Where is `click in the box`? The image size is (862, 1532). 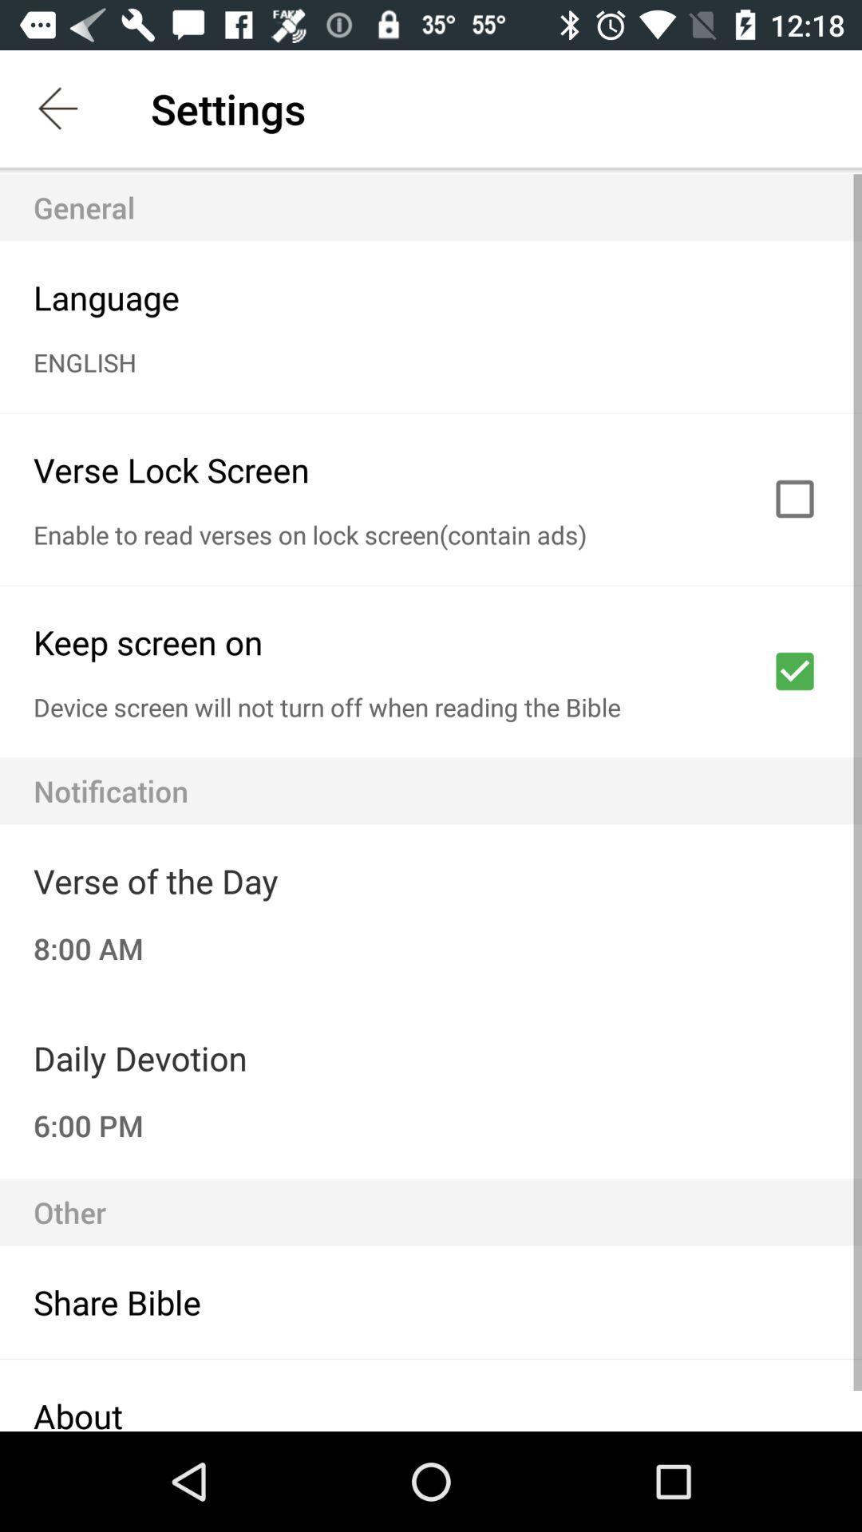 click in the box is located at coordinates (794, 498).